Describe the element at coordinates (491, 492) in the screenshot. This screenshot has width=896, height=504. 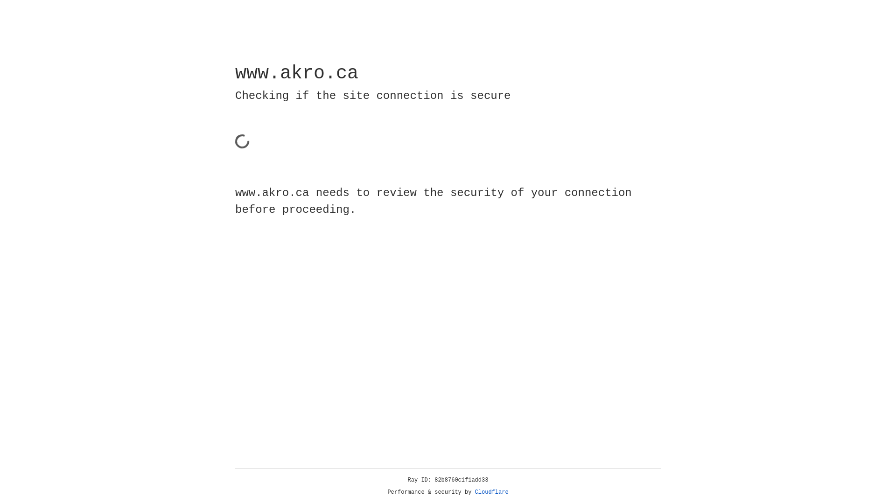
I see `'Cloudflare'` at that location.